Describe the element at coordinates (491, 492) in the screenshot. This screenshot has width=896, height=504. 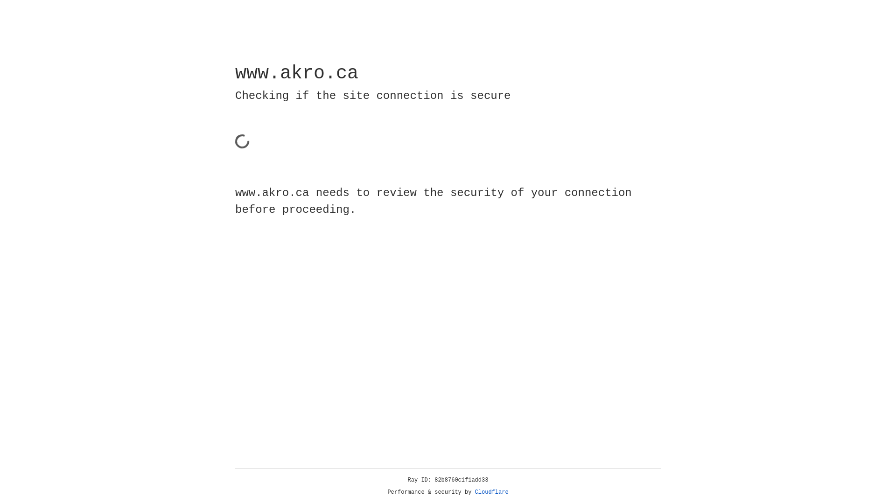
I see `'Cloudflare'` at that location.